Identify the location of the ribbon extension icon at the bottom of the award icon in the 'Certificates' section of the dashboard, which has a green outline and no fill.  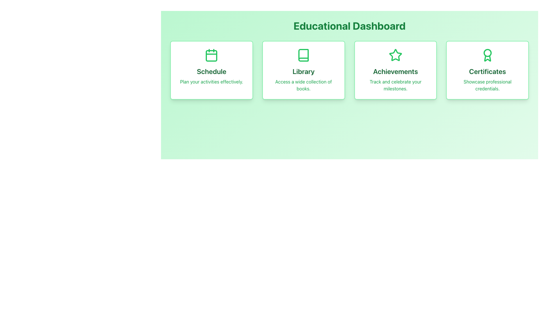
(487, 58).